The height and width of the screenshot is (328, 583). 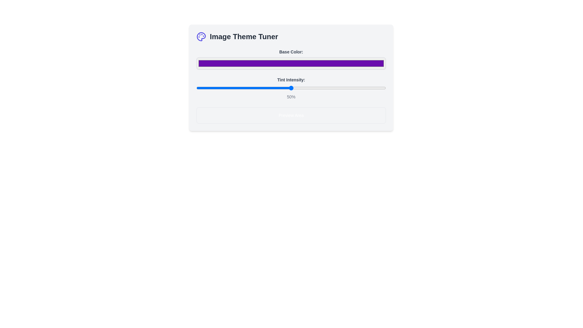 What do you see at coordinates (244, 36) in the screenshot?
I see `the prominently styled text label that reads 'Image Theme Tuner', which is positioned to the right of a palette icon and serves as the title for the section` at bounding box center [244, 36].